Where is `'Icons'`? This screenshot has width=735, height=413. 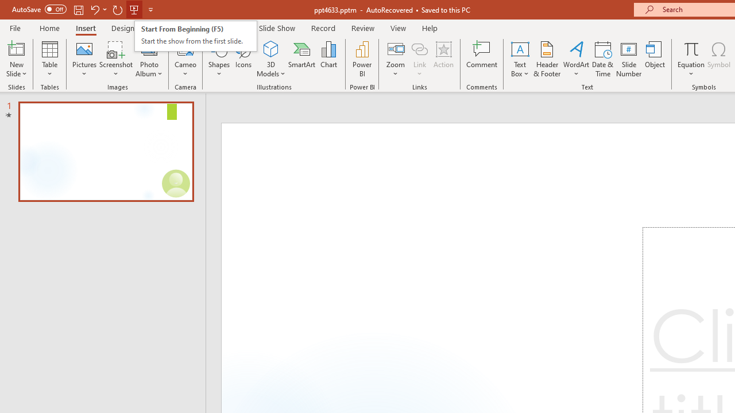
'Icons' is located at coordinates (243, 59).